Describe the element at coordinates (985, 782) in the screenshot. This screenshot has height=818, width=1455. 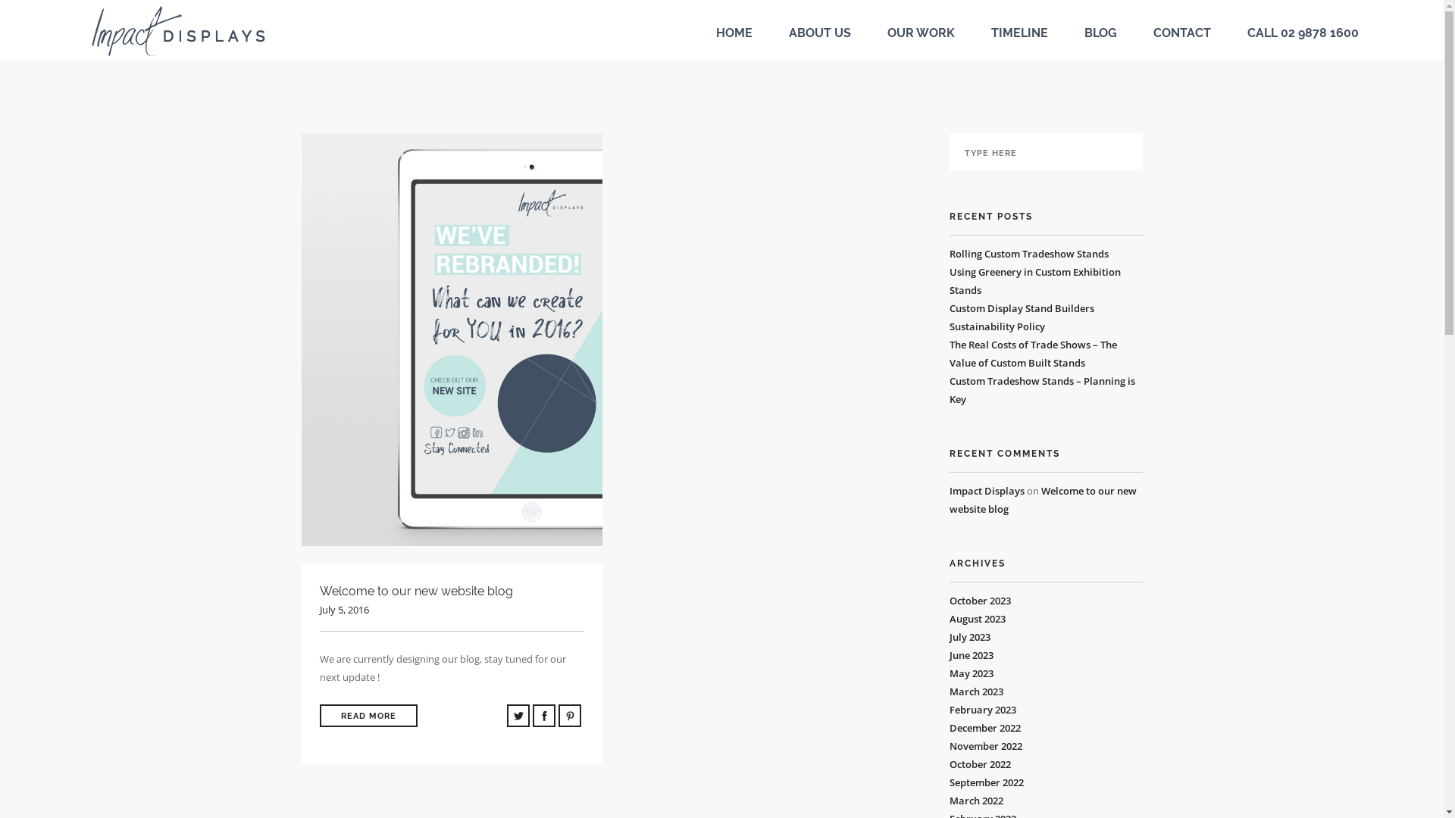
I see `'September 2022'` at that location.